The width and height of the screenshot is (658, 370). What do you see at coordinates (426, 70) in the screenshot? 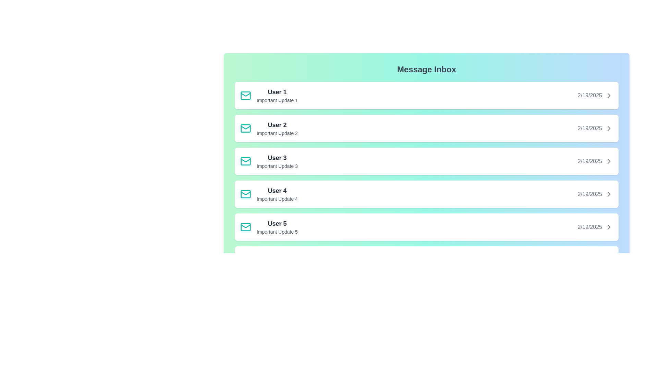
I see `the 'Message Inbox' heading` at bounding box center [426, 70].